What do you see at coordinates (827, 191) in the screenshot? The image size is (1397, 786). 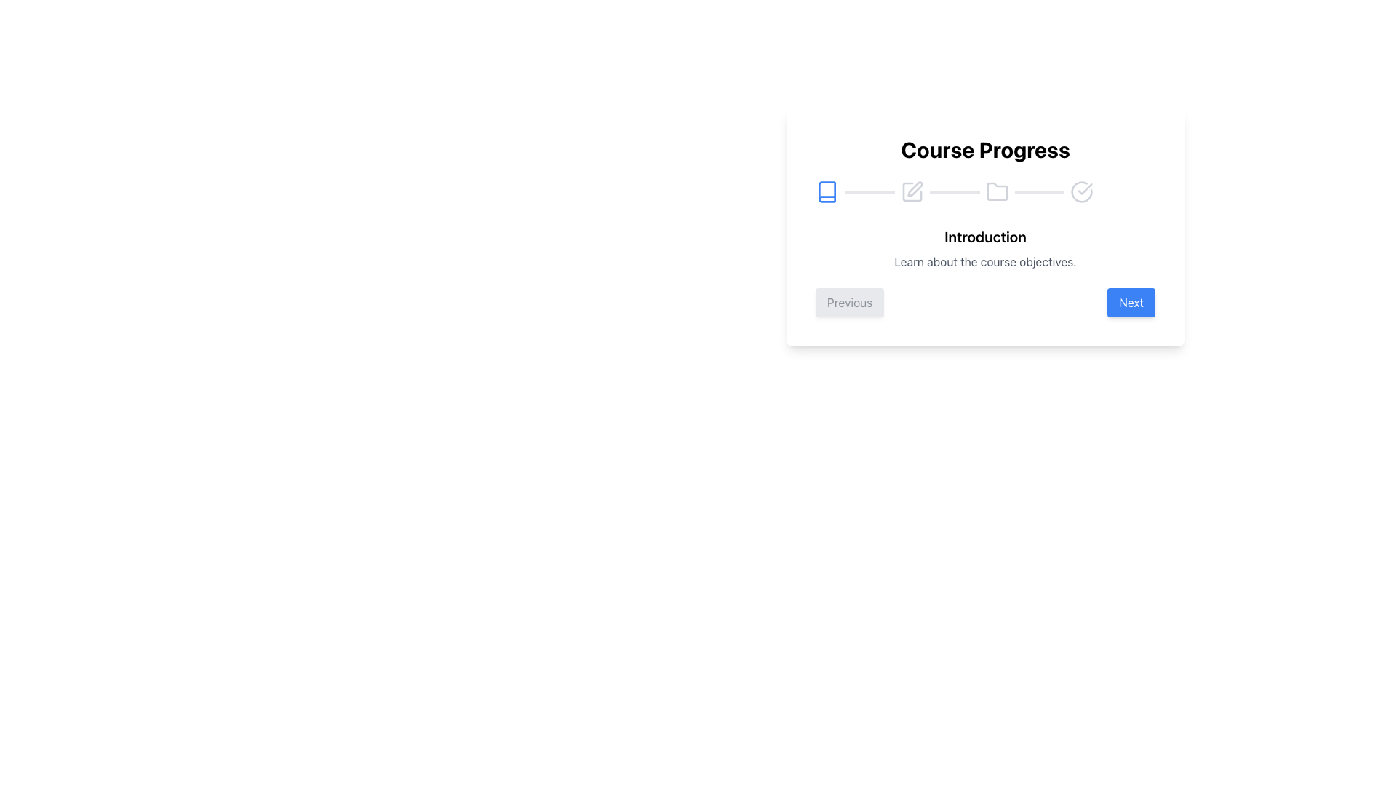 I see `the blue-colored book outline SVG icon located at the far-left side of the progress bar` at bounding box center [827, 191].